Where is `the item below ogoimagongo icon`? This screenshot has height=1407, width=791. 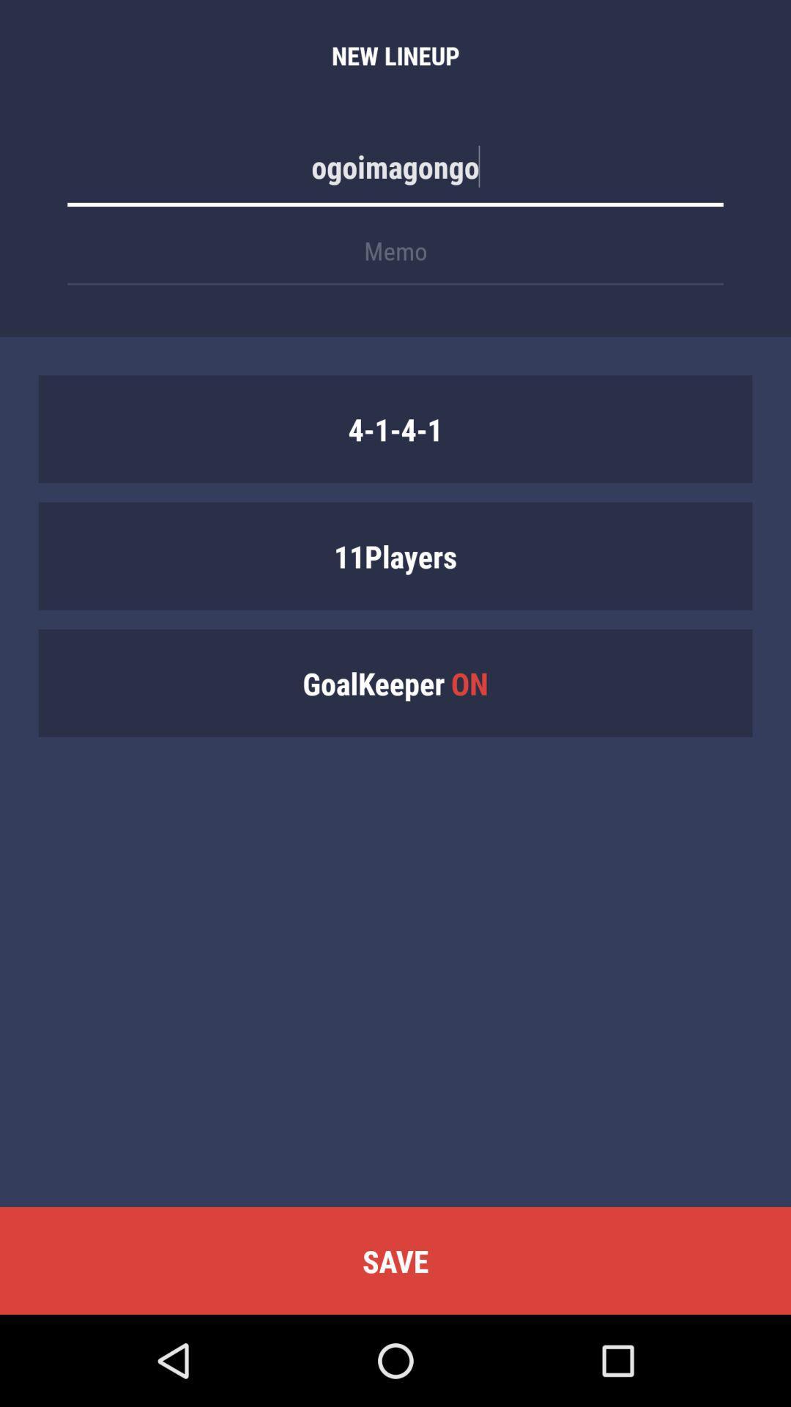
the item below ogoimagongo icon is located at coordinates (395, 258).